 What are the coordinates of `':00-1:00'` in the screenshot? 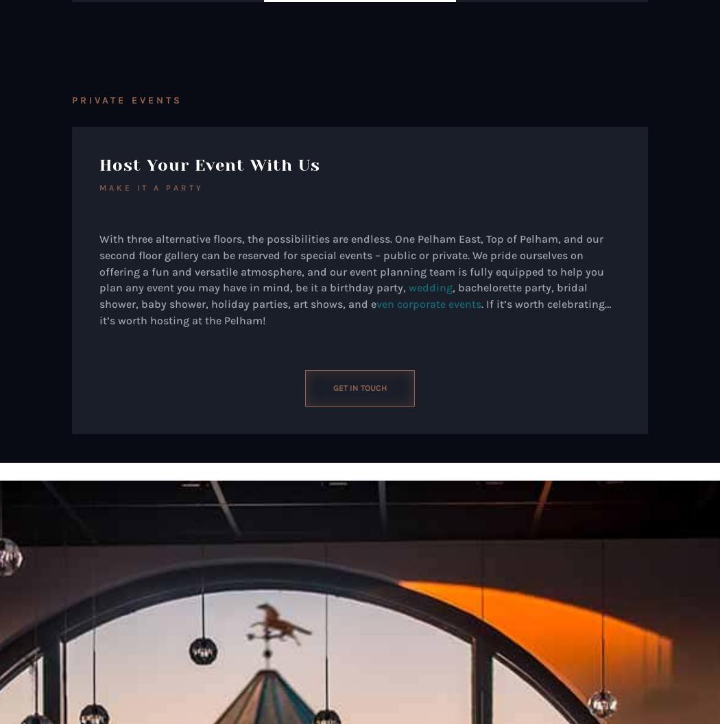 It's located at (157, 701).